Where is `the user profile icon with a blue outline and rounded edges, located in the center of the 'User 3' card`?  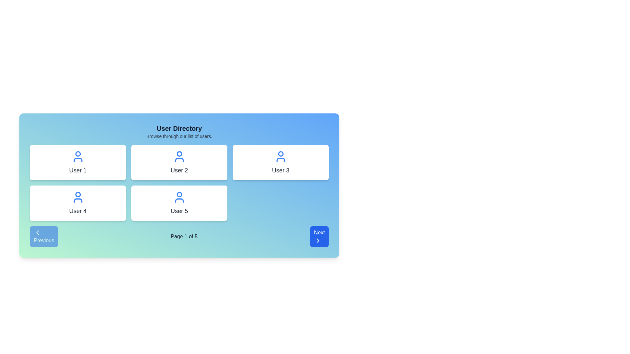 the user profile icon with a blue outline and rounded edges, located in the center of the 'User 3' card is located at coordinates (281, 157).